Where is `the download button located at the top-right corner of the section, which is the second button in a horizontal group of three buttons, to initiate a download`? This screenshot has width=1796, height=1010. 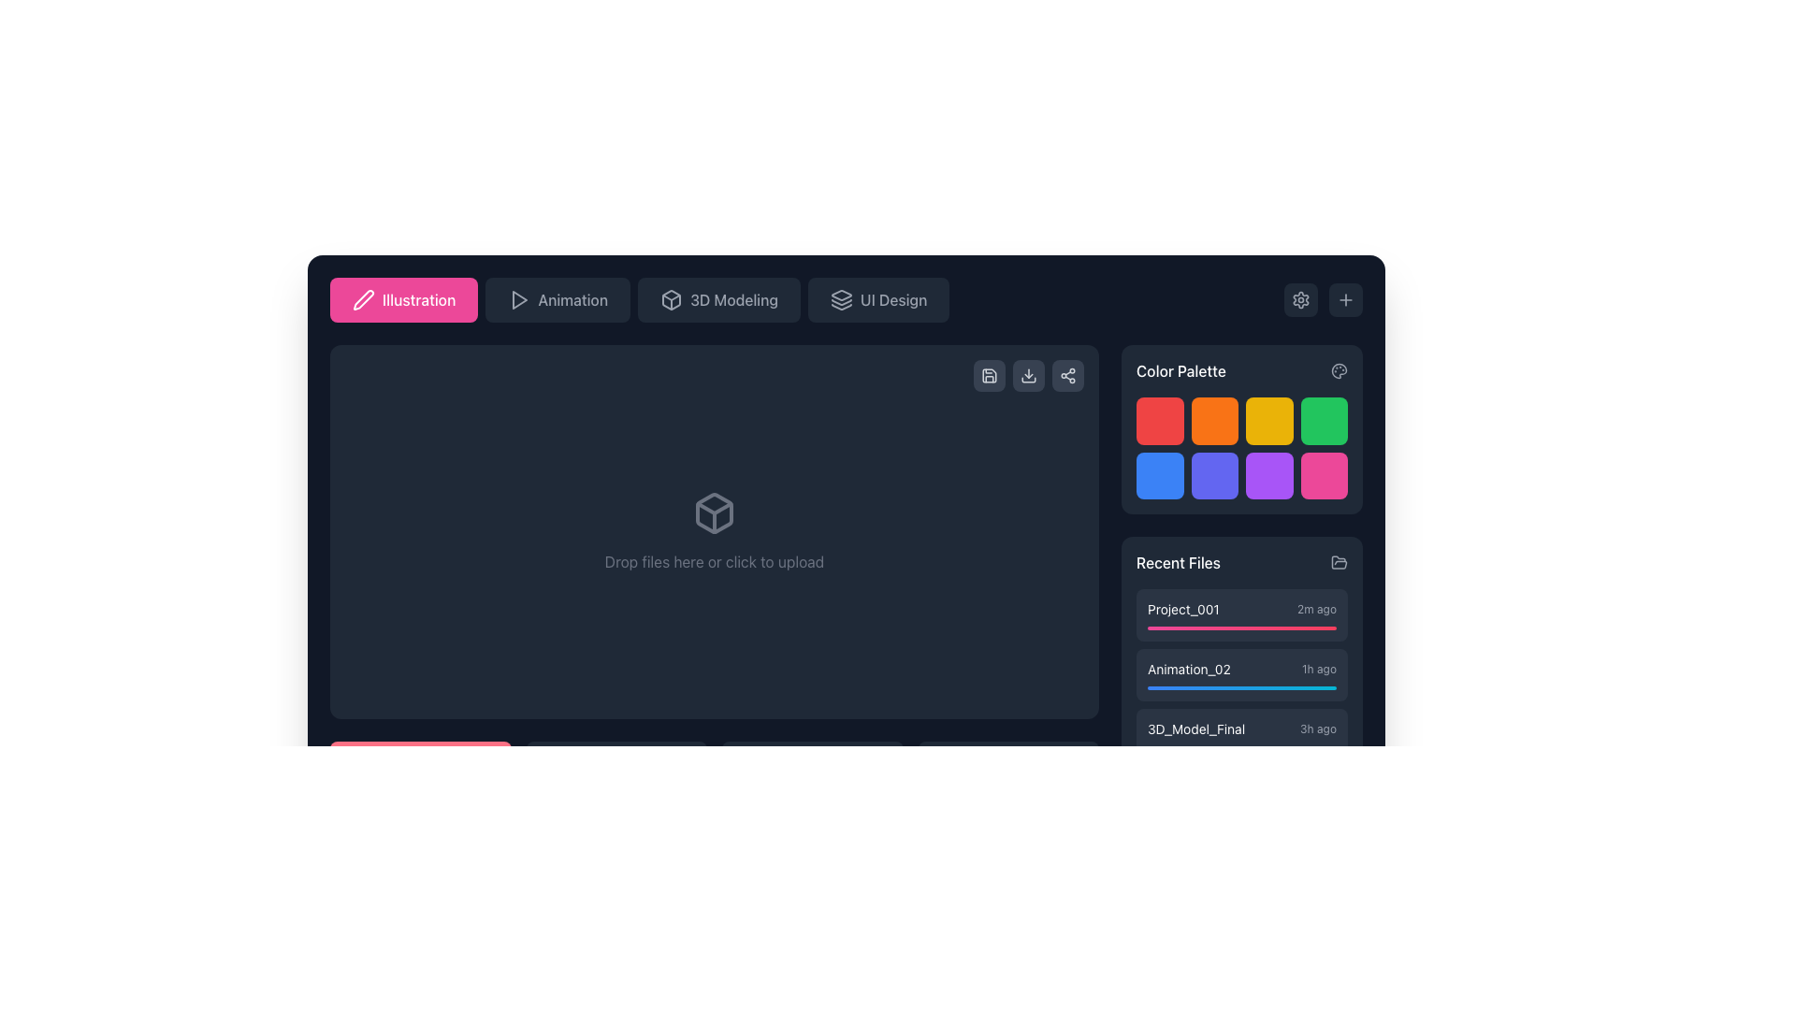 the download button located at the top-right corner of the section, which is the second button in a horizontal group of three buttons, to initiate a download is located at coordinates (1027, 375).